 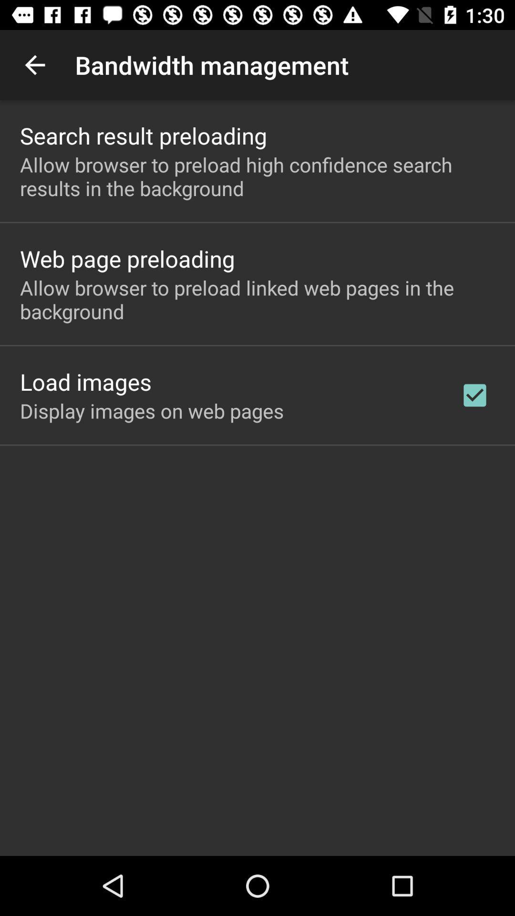 What do you see at coordinates (127, 259) in the screenshot?
I see `web page preloading` at bounding box center [127, 259].